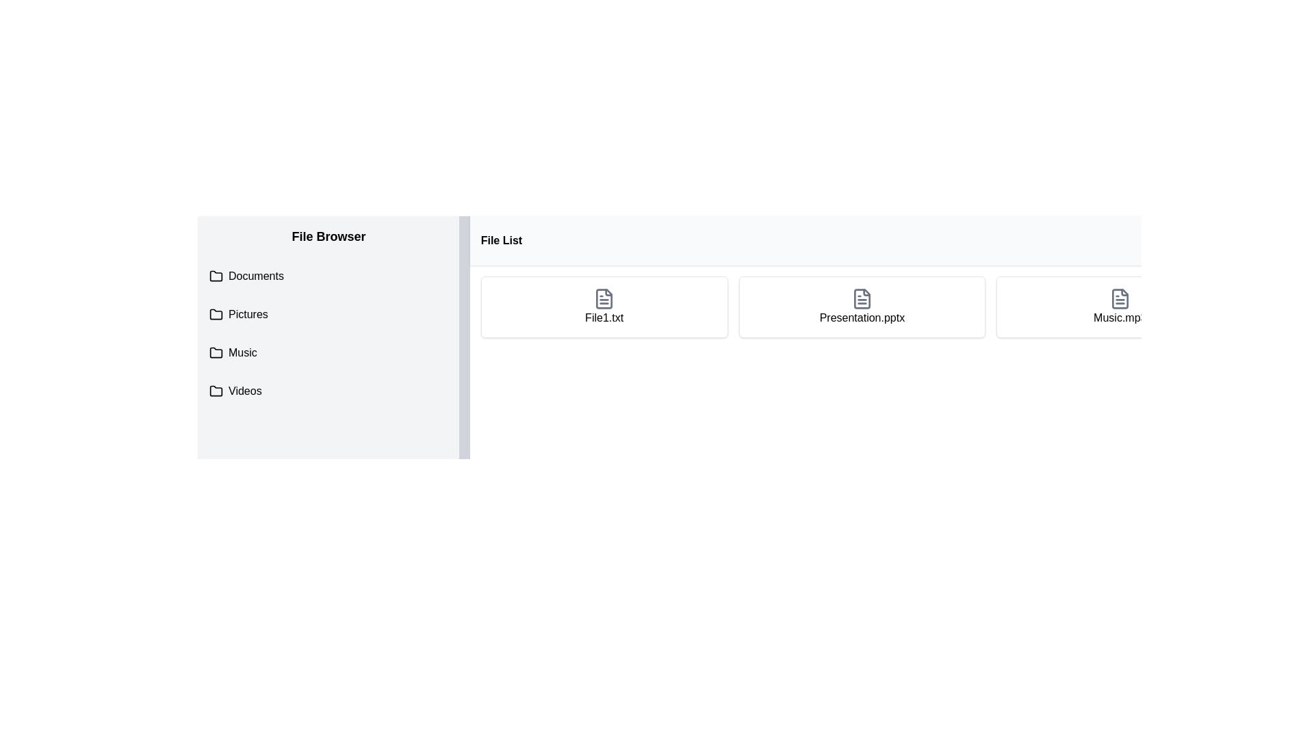 The height and width of the screenshot is (739, 1314). What do you see at coordinates (245, 391) in the screenshot?
I see `the folder icon located to the left of the 'Videos' text label in the 'File Browser' section` at bounding box center [245, 391].